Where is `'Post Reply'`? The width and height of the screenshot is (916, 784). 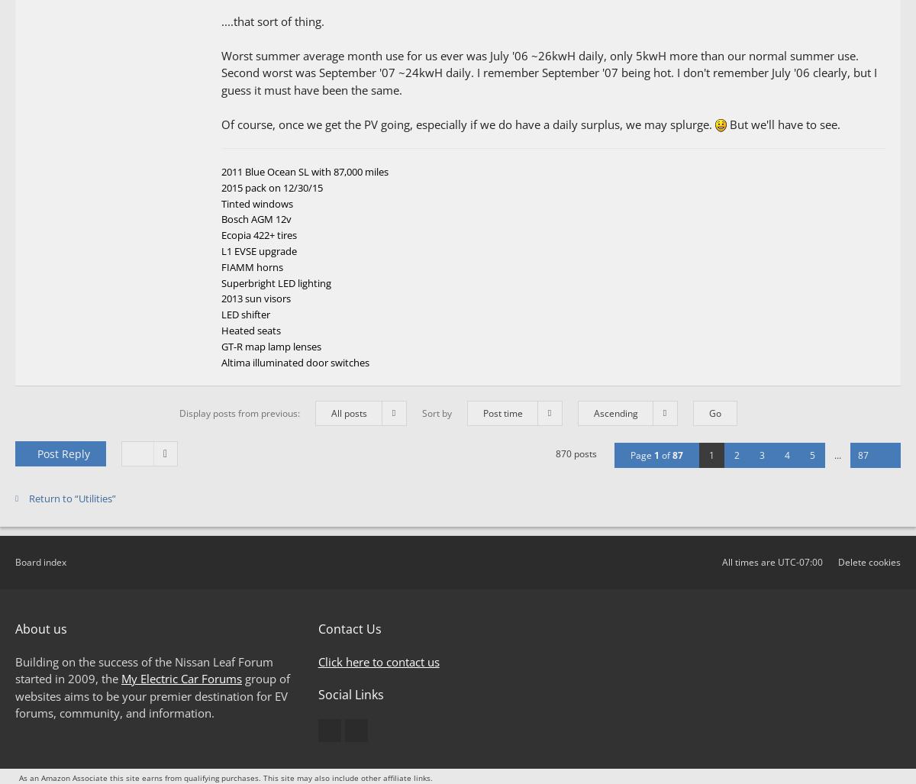 'Post Reply' is located at coordinates (63, 453).